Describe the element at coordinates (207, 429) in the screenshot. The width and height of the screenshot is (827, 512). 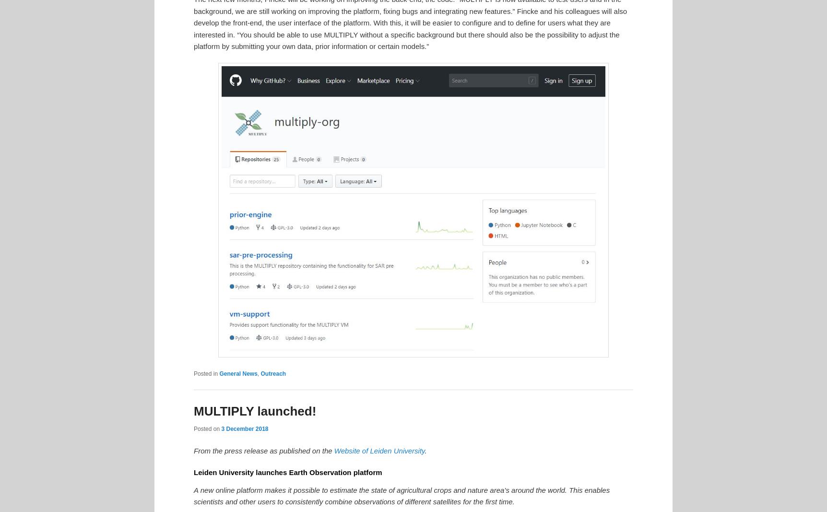
I see `'Posted on'` at that location.